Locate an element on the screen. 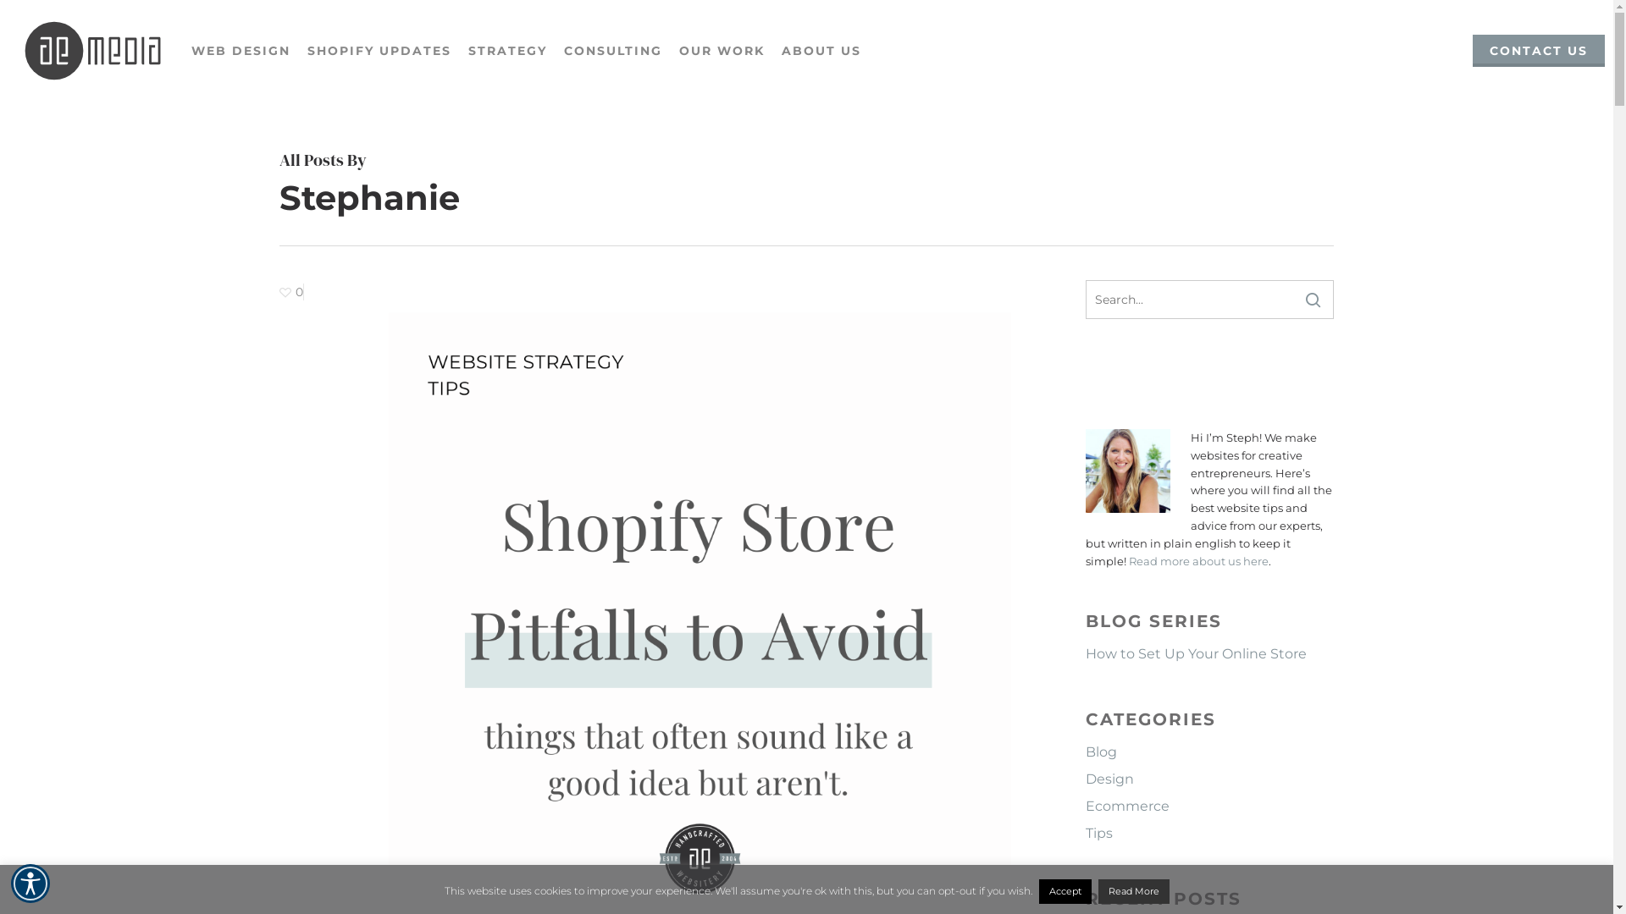 The image size is (1626, 914). '0' is located at coordinates (291, 291).